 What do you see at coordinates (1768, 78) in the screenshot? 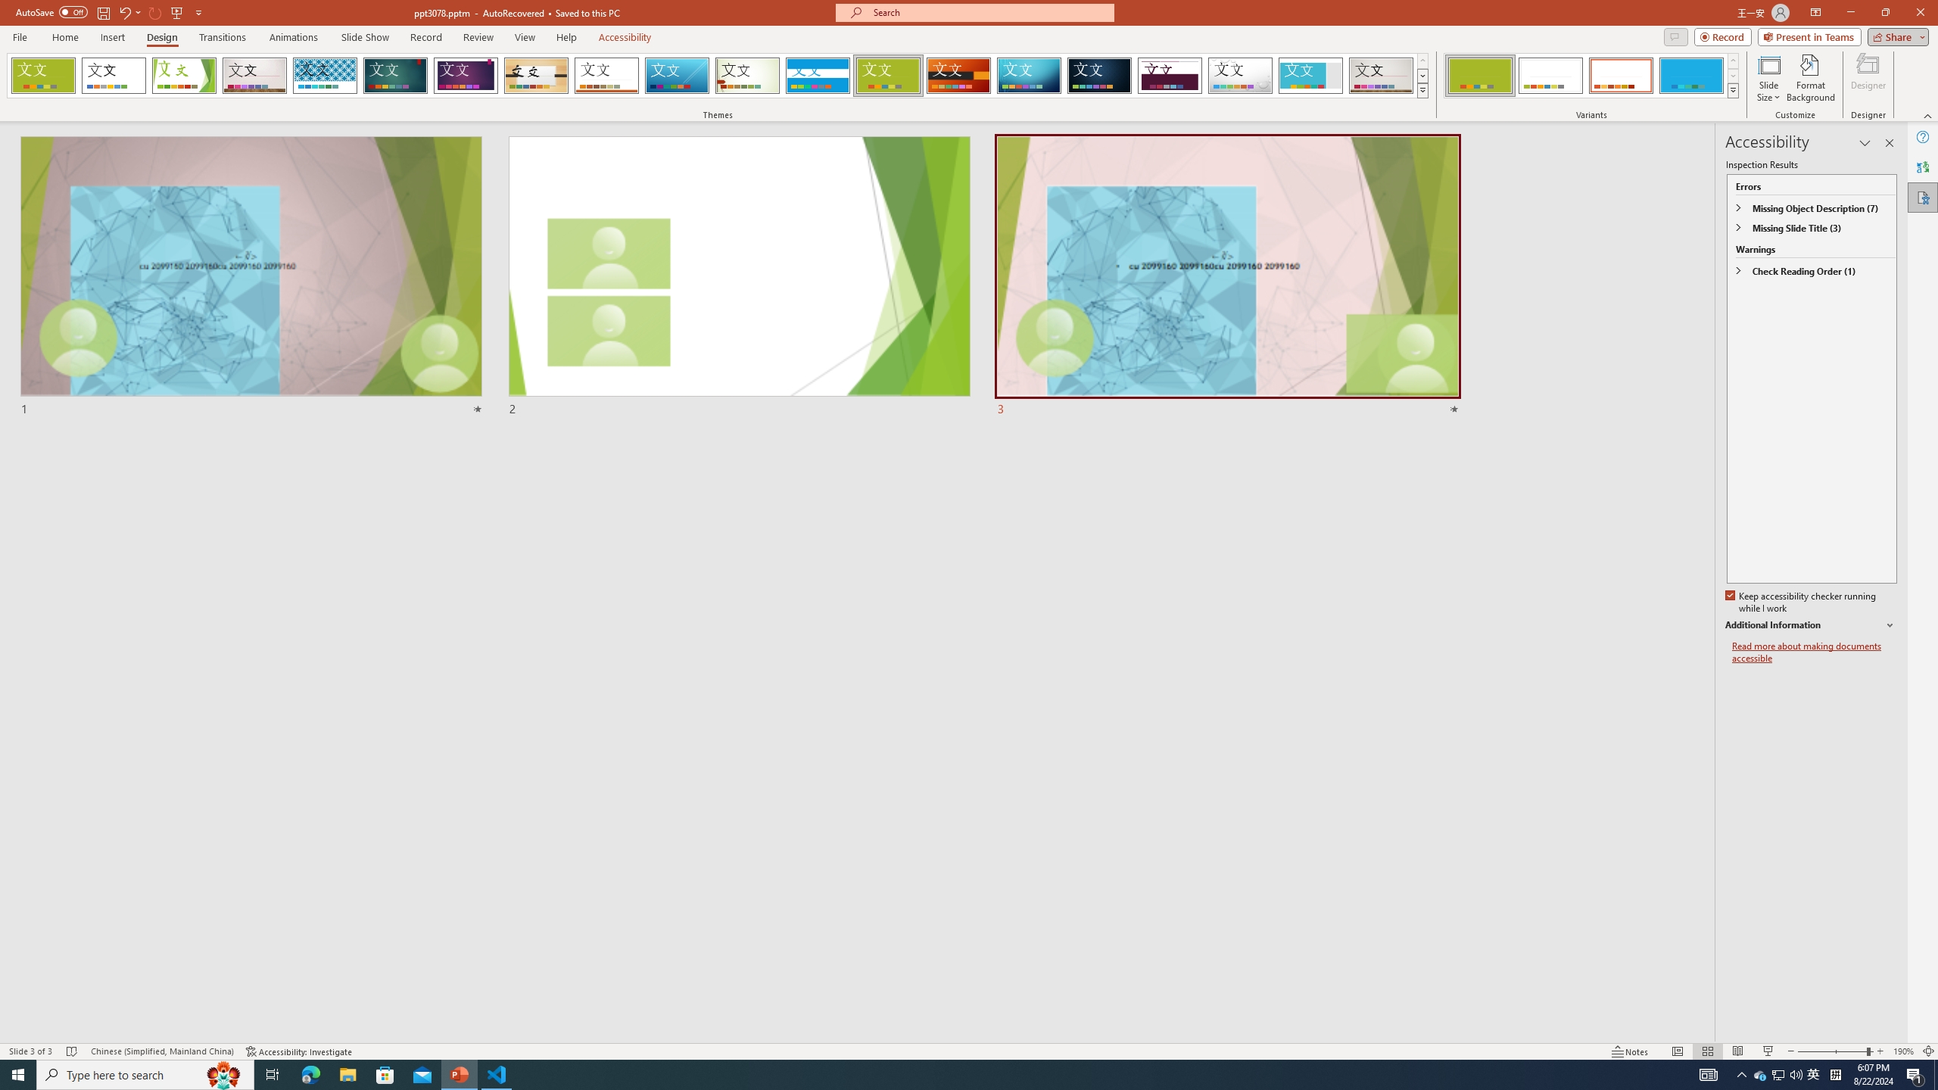
I see `'Slide Size'` at bounding box center [1768, 78].